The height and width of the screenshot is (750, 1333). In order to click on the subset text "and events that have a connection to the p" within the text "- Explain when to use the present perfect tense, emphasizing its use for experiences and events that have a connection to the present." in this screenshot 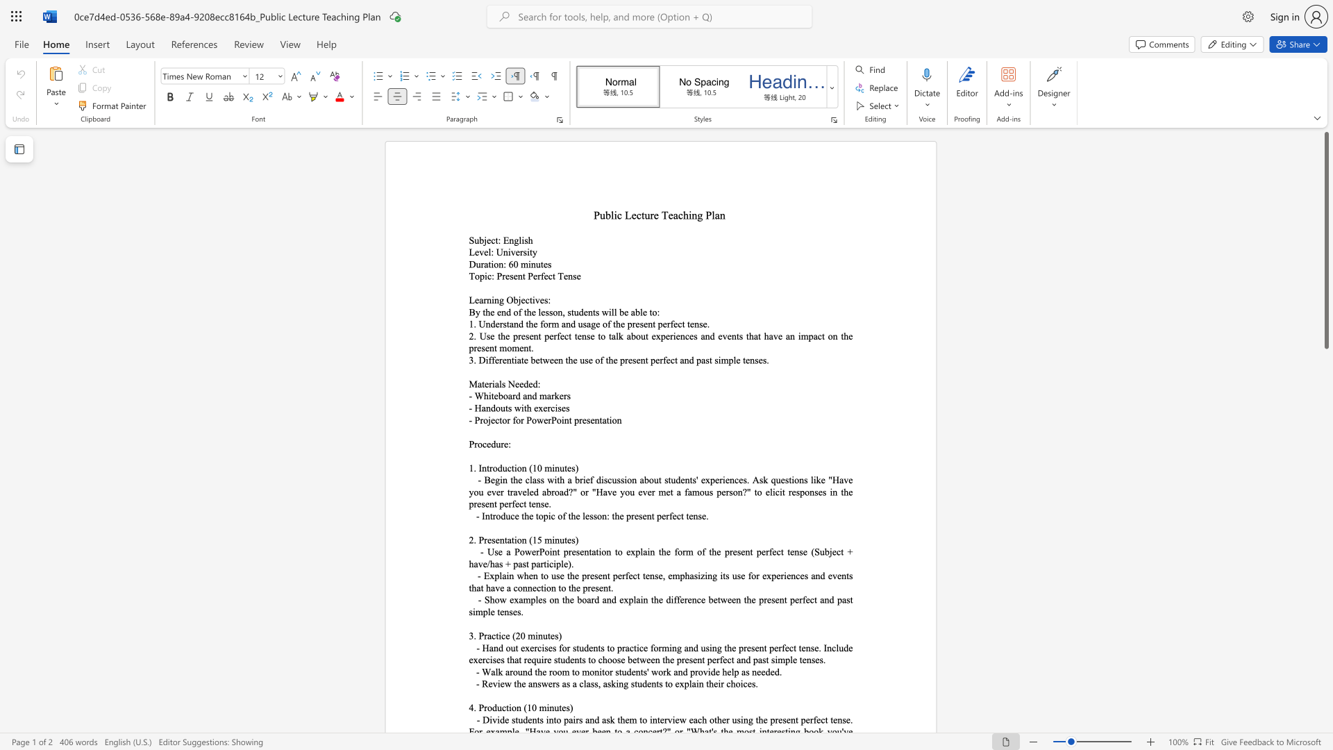, I will do `click(811, 576)`.